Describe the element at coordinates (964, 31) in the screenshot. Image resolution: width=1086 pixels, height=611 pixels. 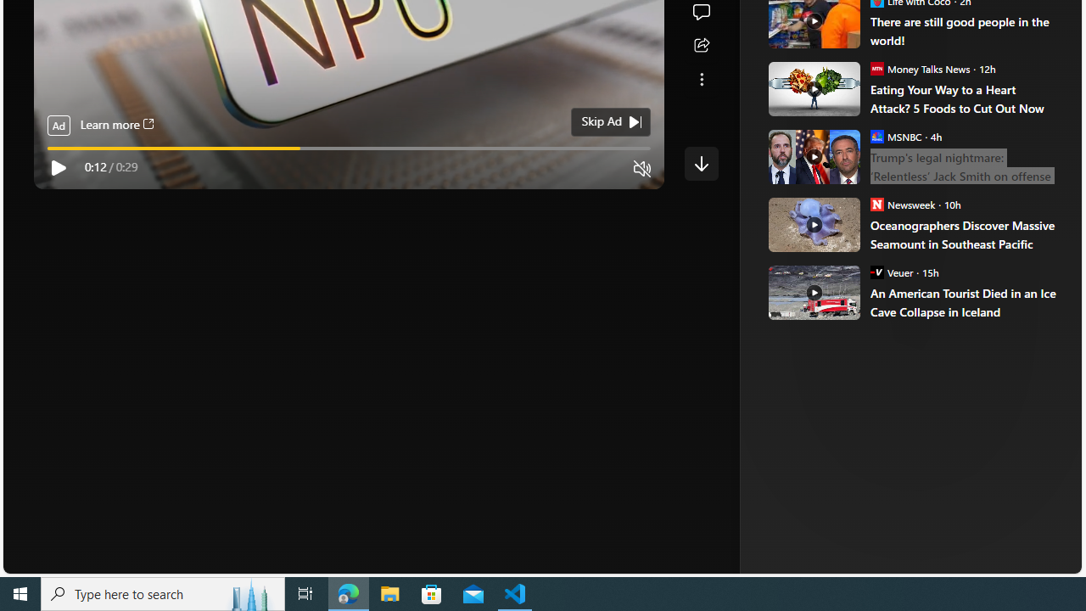
I see `'There are still good people in the world!'` at that location.